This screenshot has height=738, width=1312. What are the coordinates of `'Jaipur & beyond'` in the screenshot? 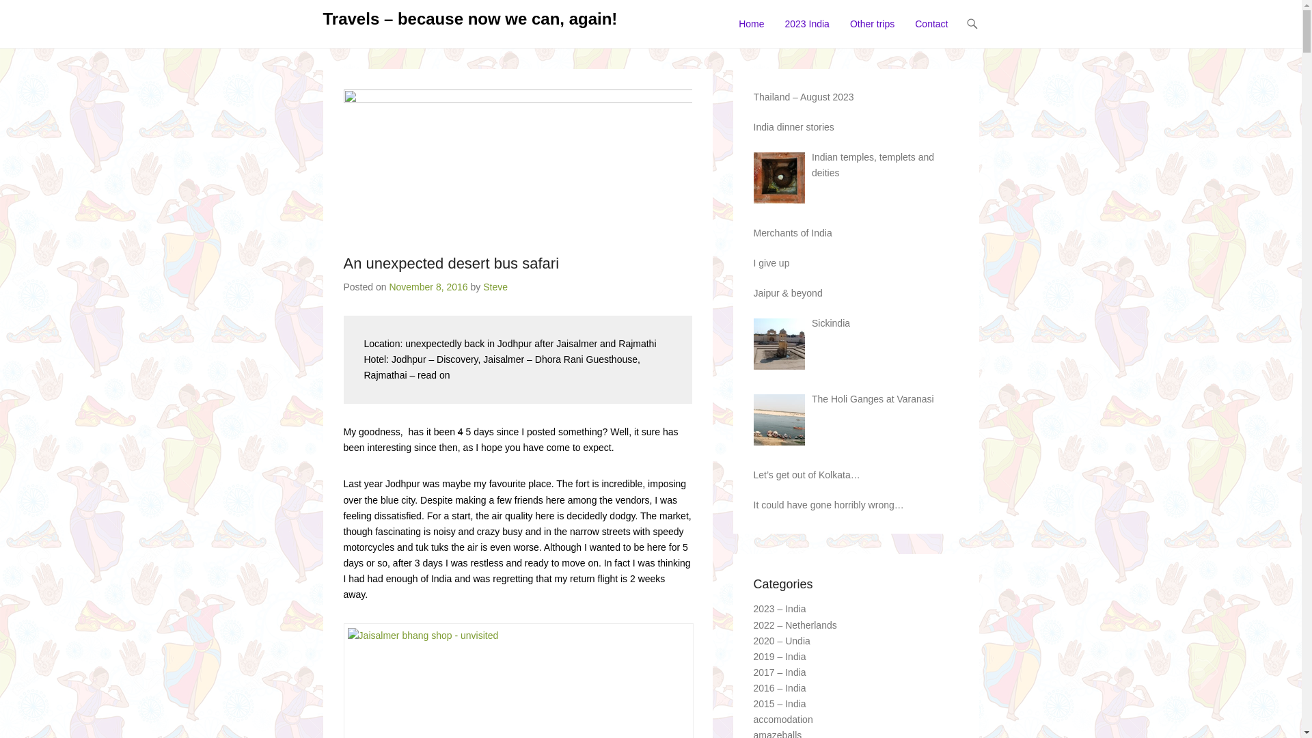 It's located at (752, 292).